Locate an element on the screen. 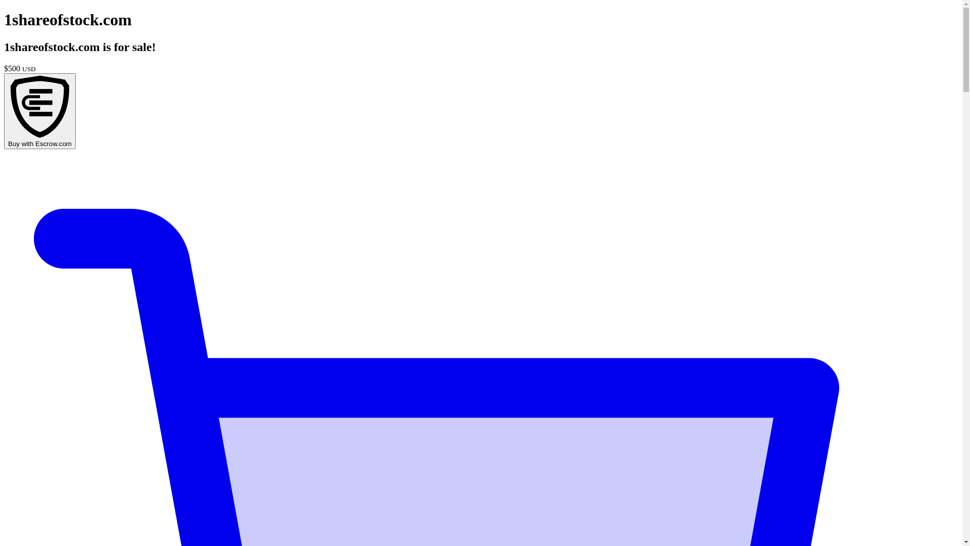 Image resolution: width=970 pixels, height=546 pixels. 'Buy with Escrow.com' is located at coordinates (39, 111).